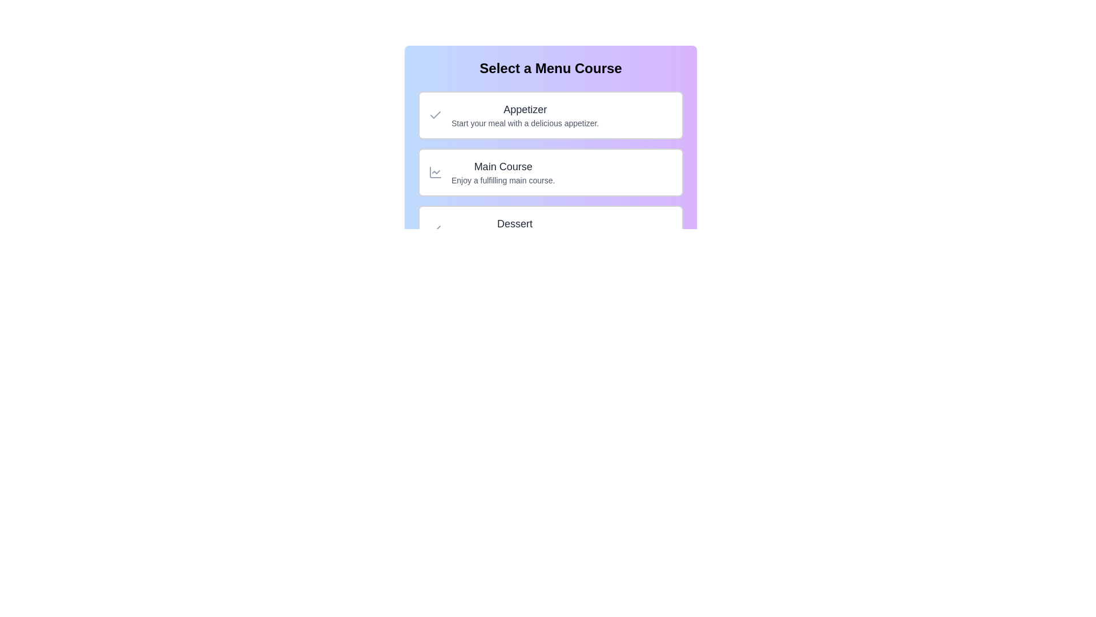  Describe the element at coordinates (550, 68) in the screenshot. I see `the bold header text element that says 'Select a Menu Course', which is styled with a large font size and centered alignment, located at the top of the card component with a gradient background` at that location.